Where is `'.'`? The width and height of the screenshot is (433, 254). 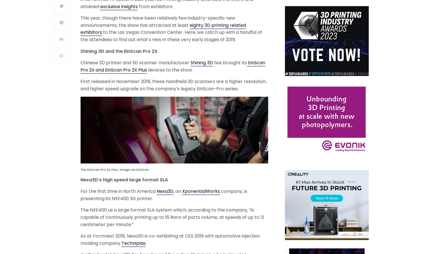
'.' is located at coordinates (146, 243).